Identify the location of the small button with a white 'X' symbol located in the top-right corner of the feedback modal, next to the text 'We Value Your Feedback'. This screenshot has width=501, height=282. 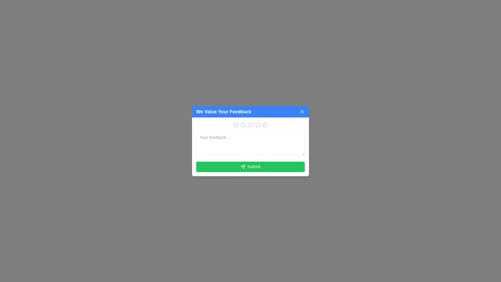
(302, 111).